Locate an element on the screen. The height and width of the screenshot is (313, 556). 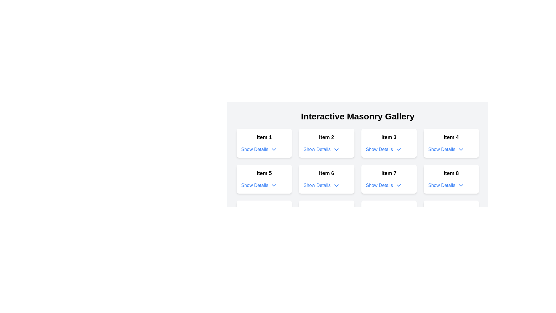
the chevron icon located to the right of the 'Show Details' link in the 'Item 2' card of the 'Interactive Masonry Gallery' is located at coordinates (336, 149).